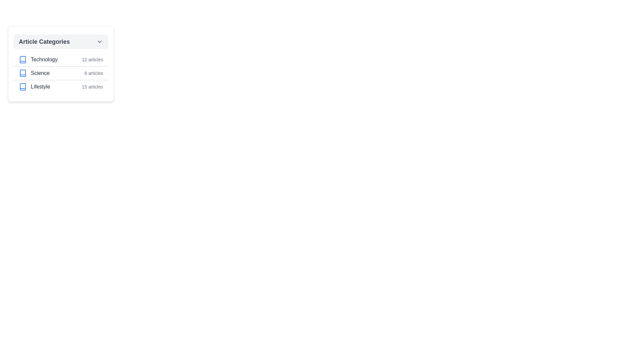  Describe the element at coordinates (23, 87) in the screenshot. I see `the stylized blue book icon located next to the 'Lifestyle' category in the list of article categories` at that location.